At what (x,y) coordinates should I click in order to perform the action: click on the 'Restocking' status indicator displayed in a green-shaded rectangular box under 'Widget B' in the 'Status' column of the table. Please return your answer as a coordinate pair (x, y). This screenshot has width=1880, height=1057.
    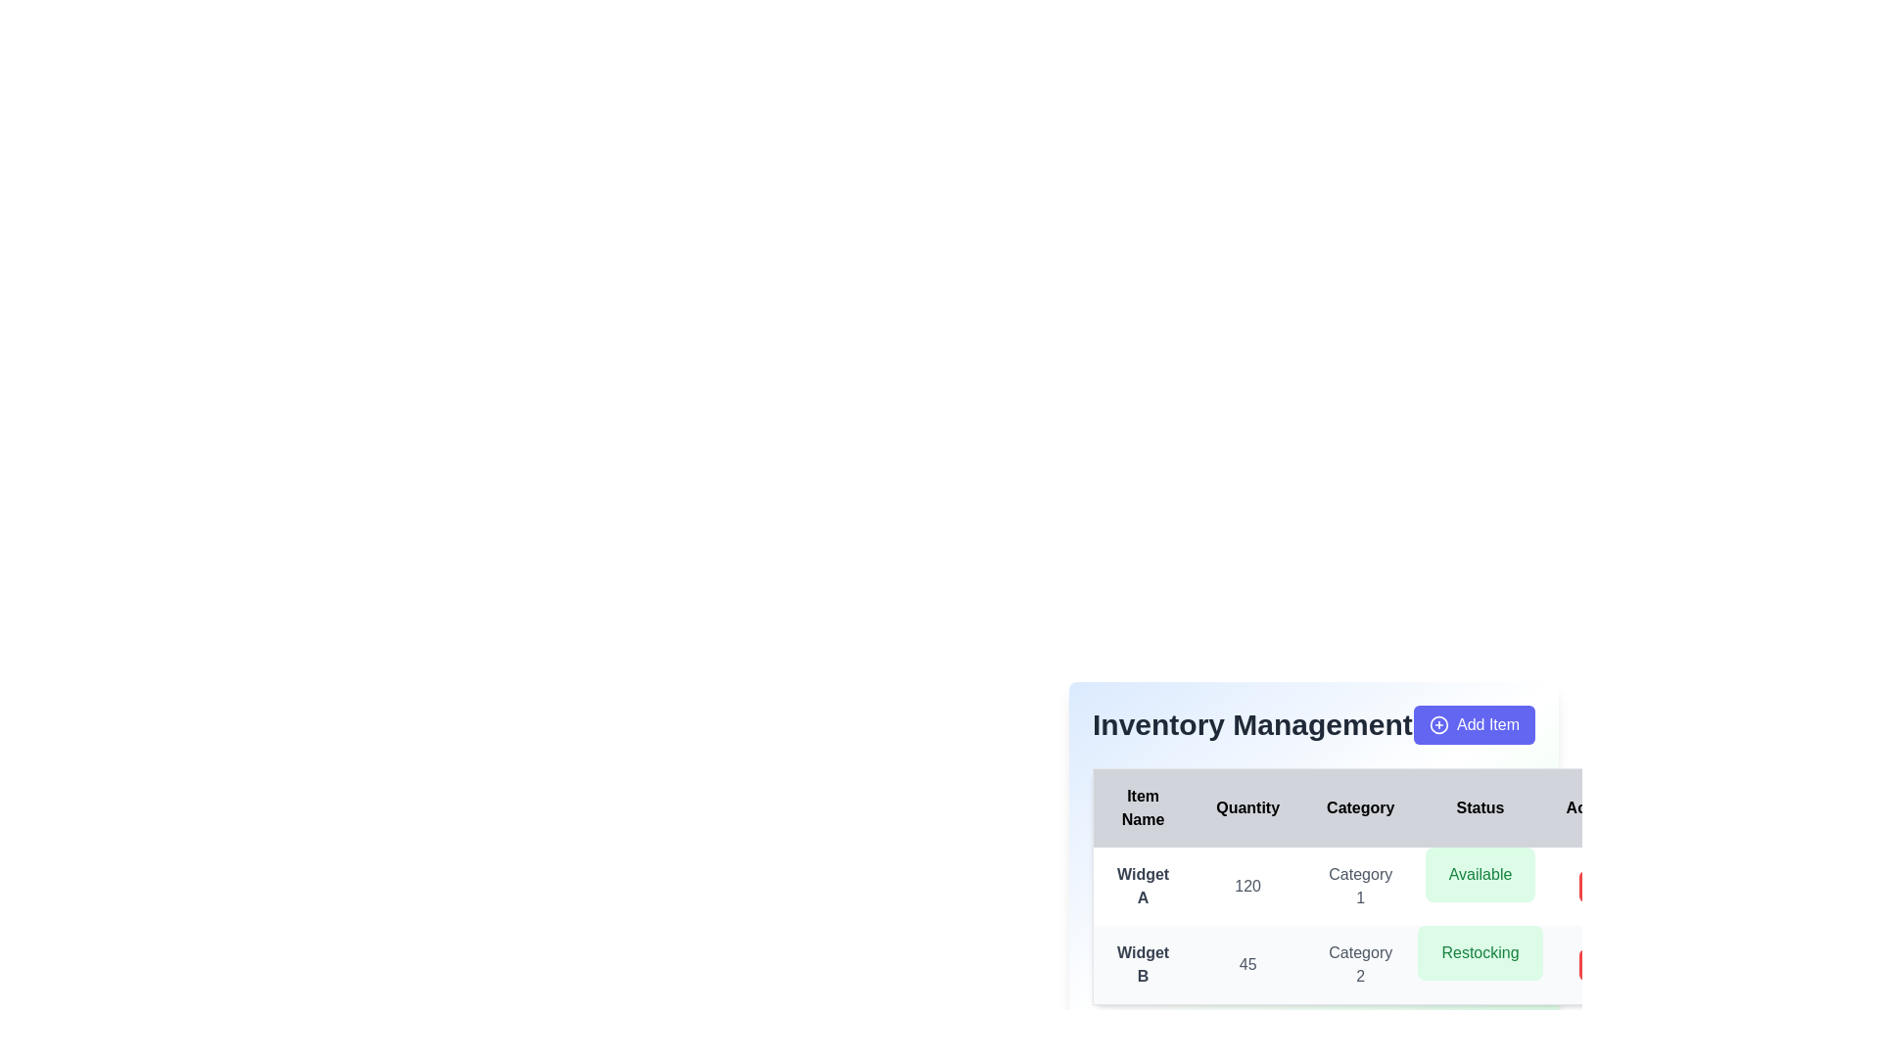
    Looking at the image, I should click on (1480, 952).